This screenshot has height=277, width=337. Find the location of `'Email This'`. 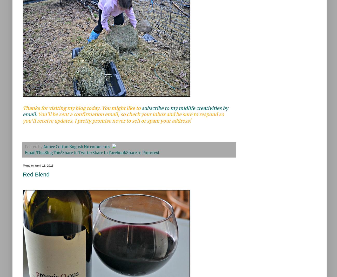

'Email This' is located at coordinates (25, 153).